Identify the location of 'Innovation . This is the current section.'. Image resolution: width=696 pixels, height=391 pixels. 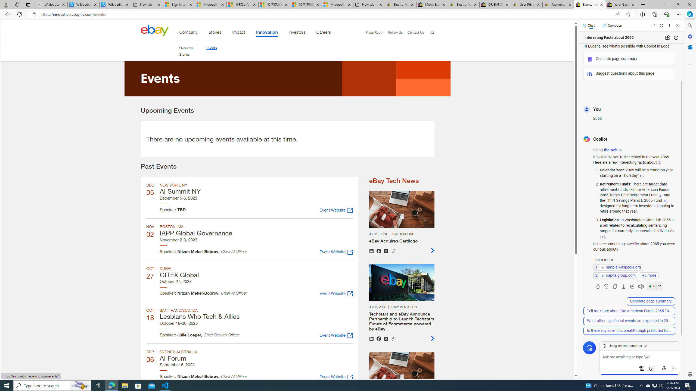
(267, 33).